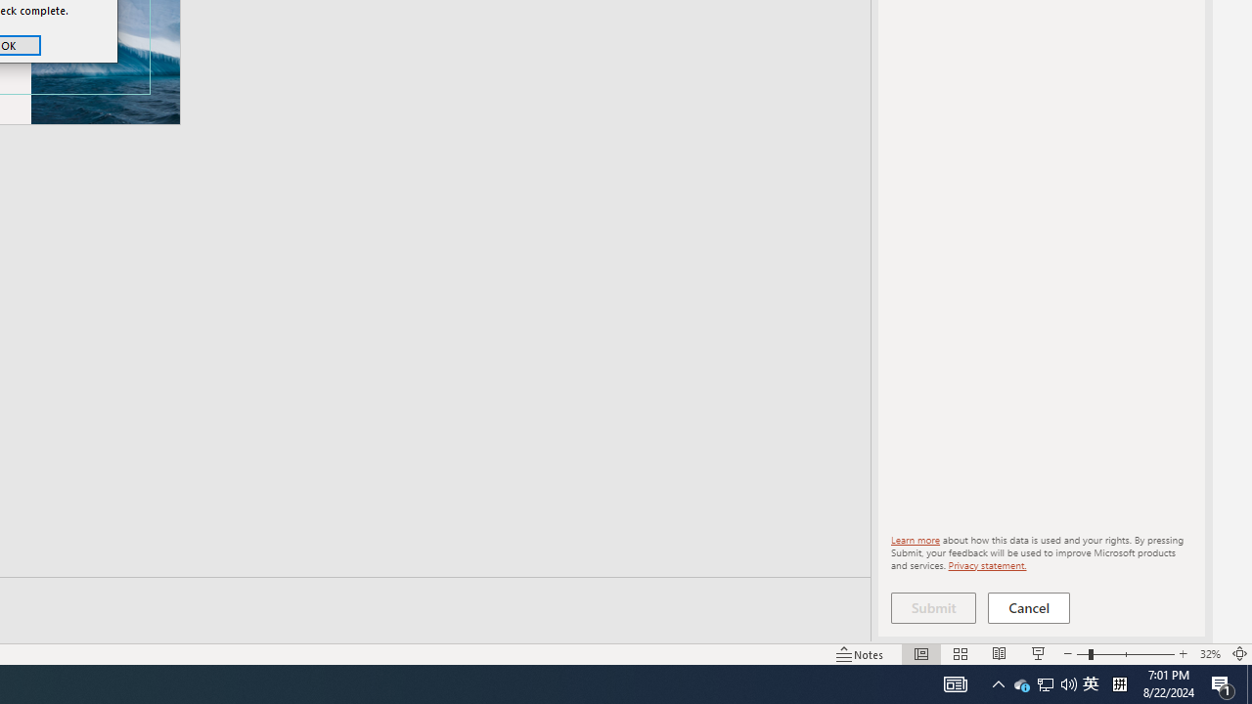 The image size is (1252, 704). Describe the element at coordinates (1209, 654) in the screenshot. I see `'Zoom 32%'` at that location.